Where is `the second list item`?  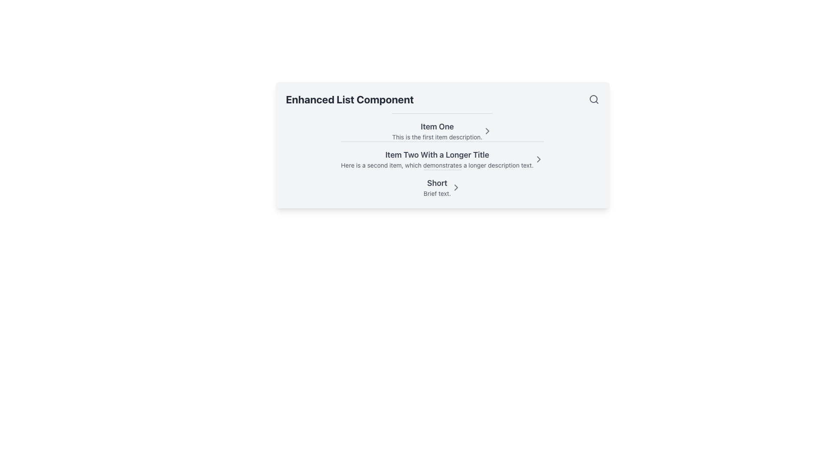
the second list item is located at coordinates (442, 155).